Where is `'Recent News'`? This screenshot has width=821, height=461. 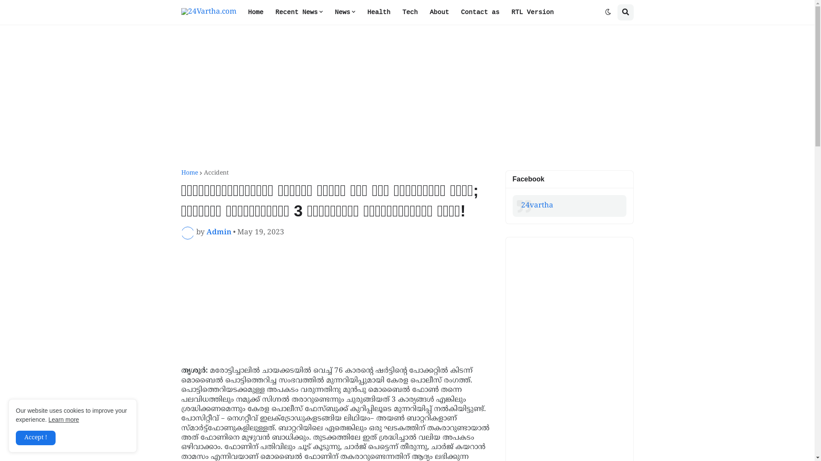
'Recent News' is located at coordinates (299, 12).